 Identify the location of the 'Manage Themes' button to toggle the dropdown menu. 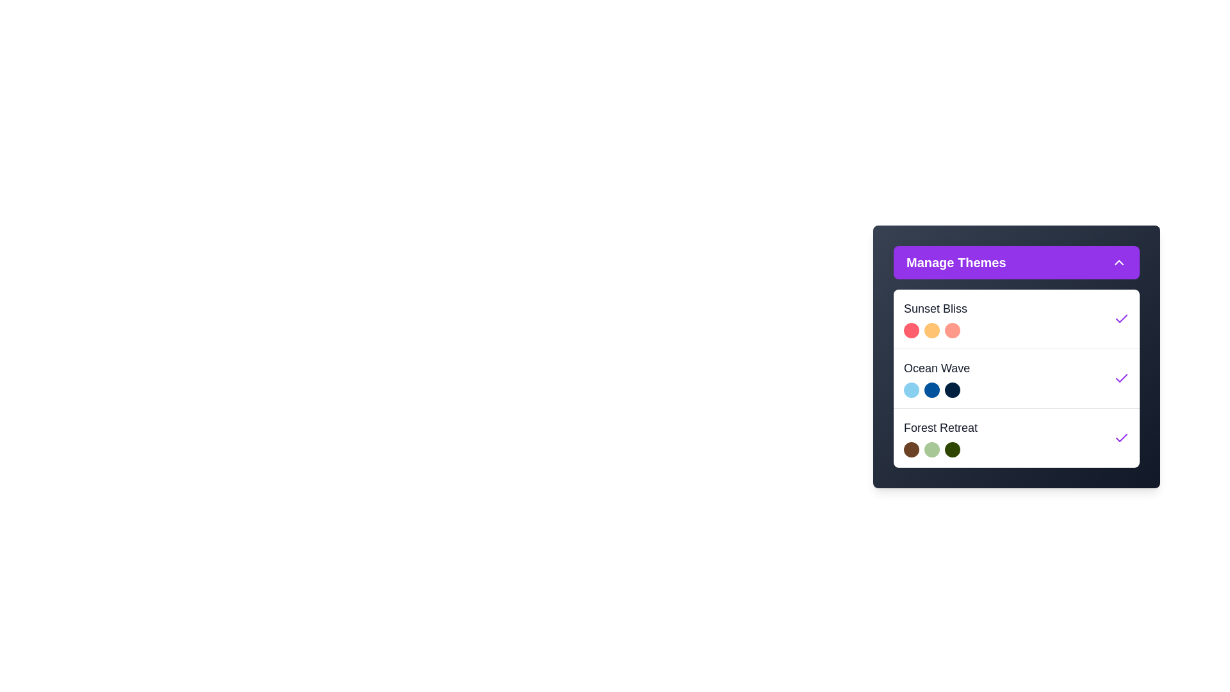
(1016, 261).